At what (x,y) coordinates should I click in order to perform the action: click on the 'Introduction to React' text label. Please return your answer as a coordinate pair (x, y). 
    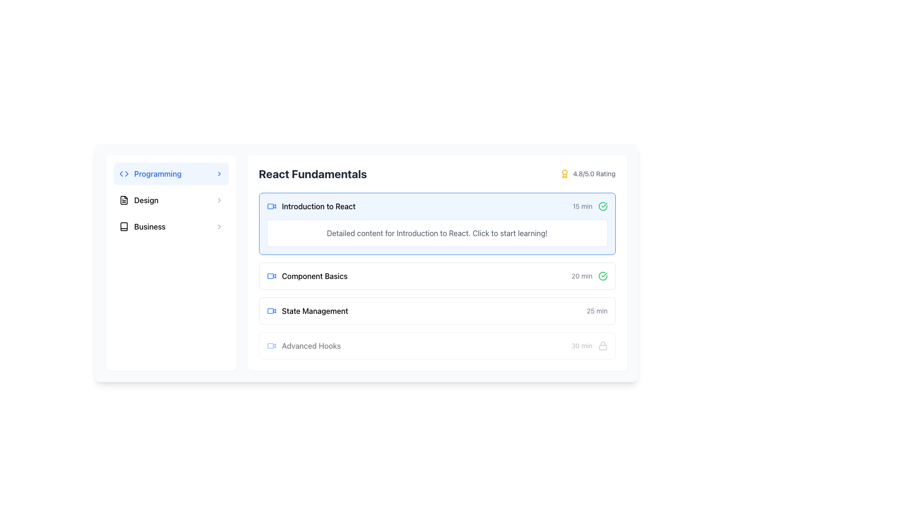
    Looking at the image, I should click on (311, 206).